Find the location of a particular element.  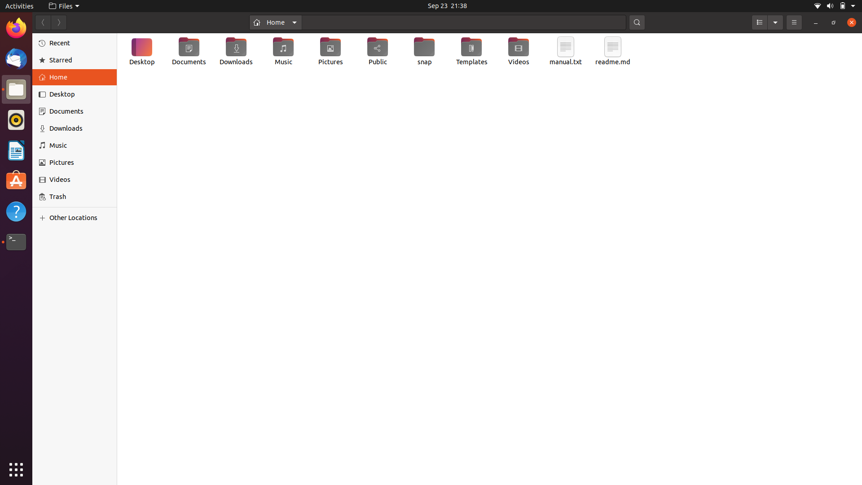

In the home folder, find the text file "helloworld.txt" is located at coordinates (465, 21).